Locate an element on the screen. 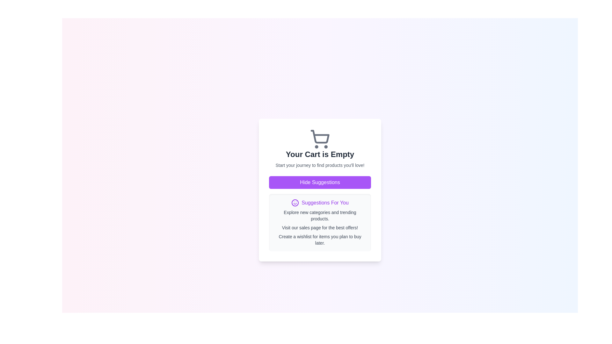 This screenshot has width=612, height=344. the rectangular button with rounded corners that has a purple background and white text reading 'Hide Suggestions' to hide the suggestions is located at coordinates (320, 183).